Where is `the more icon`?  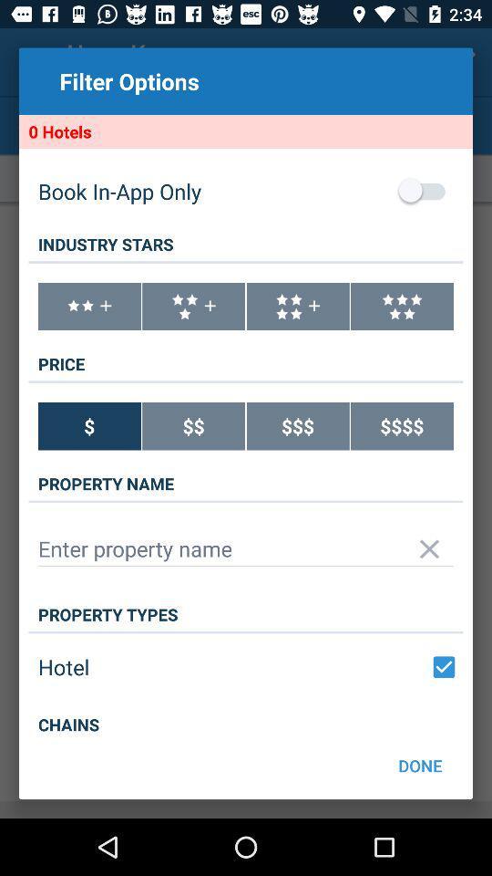
the more icon is located at coordinates (88, 328).